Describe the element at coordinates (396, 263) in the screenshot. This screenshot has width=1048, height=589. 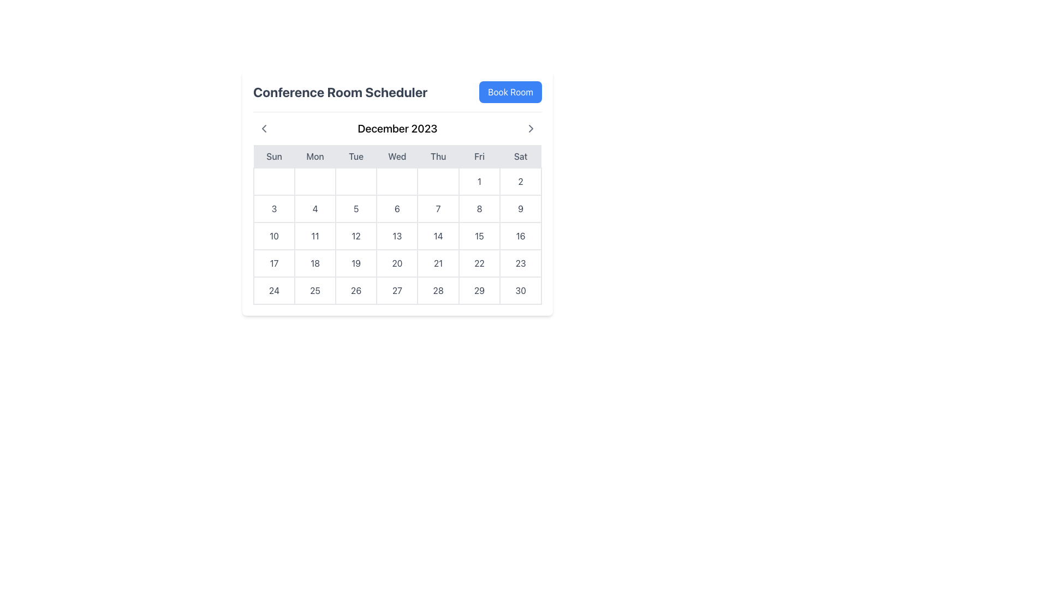
I see `the date button representing '20' in the calendar view` at that location.